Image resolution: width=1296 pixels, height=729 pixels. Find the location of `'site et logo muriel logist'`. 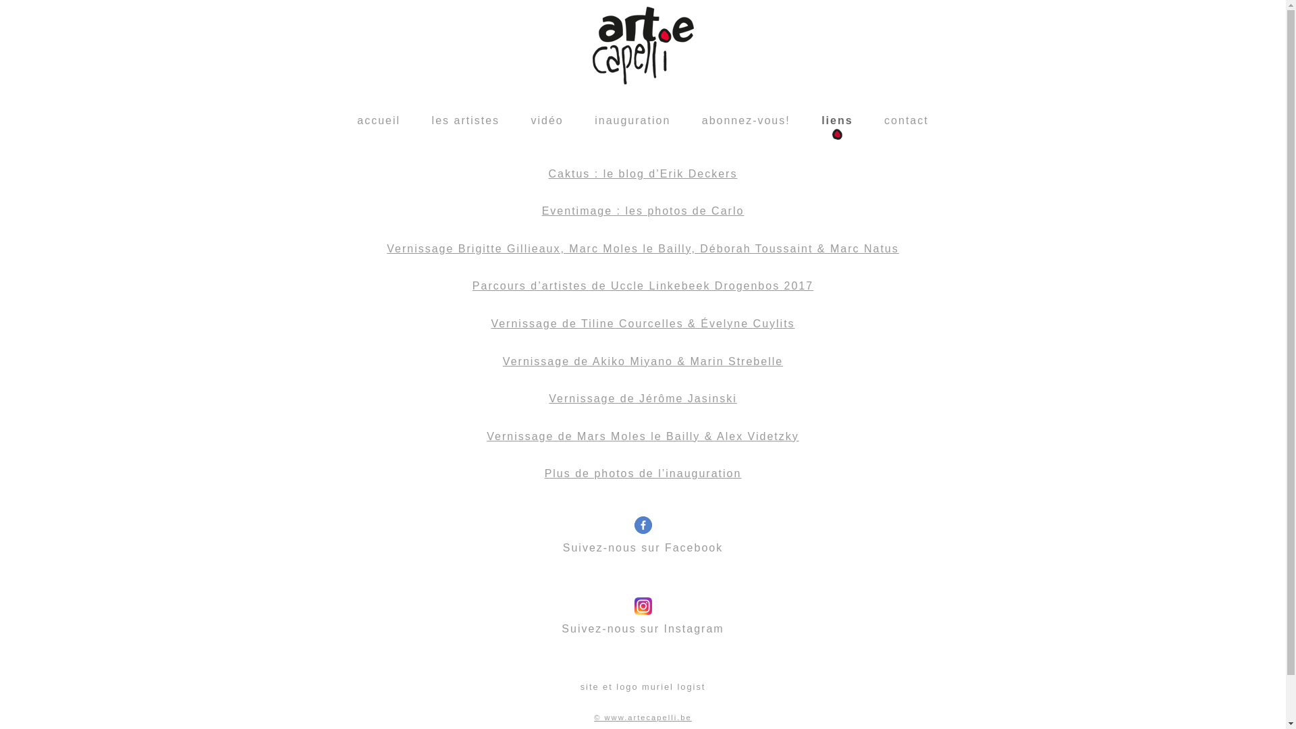

'site et logo muriel logist' is located at coordinates (643, 686).